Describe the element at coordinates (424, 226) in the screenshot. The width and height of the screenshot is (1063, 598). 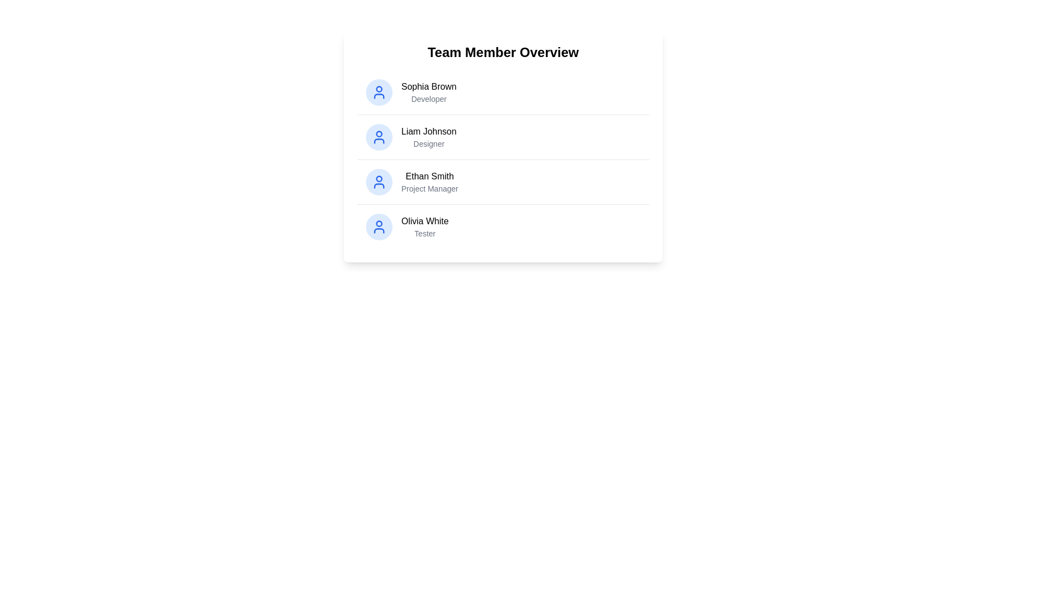
I see `the Text Label Group displaying 'Olivia White' and 'Tester' for additional actions` at that location.